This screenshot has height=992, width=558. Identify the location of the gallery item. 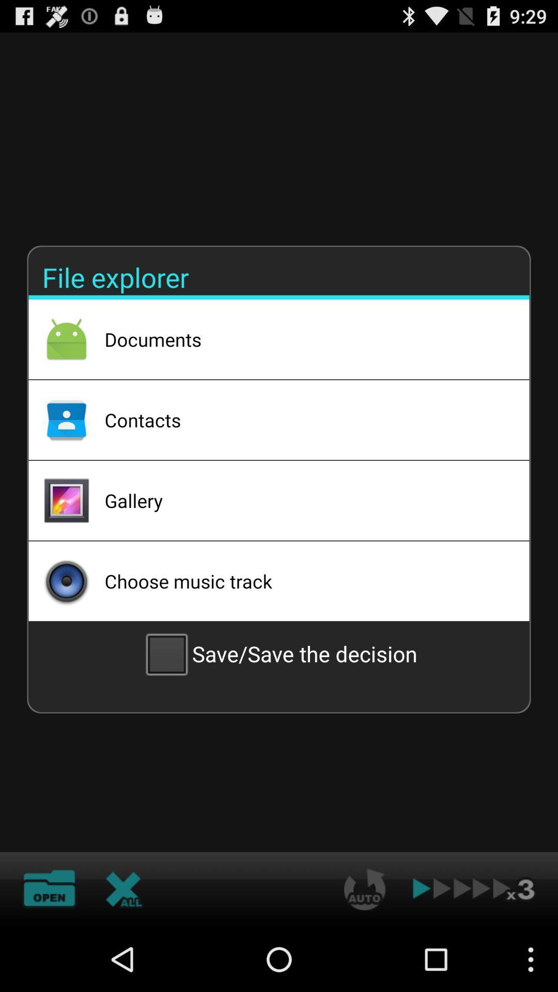
(303, 501).